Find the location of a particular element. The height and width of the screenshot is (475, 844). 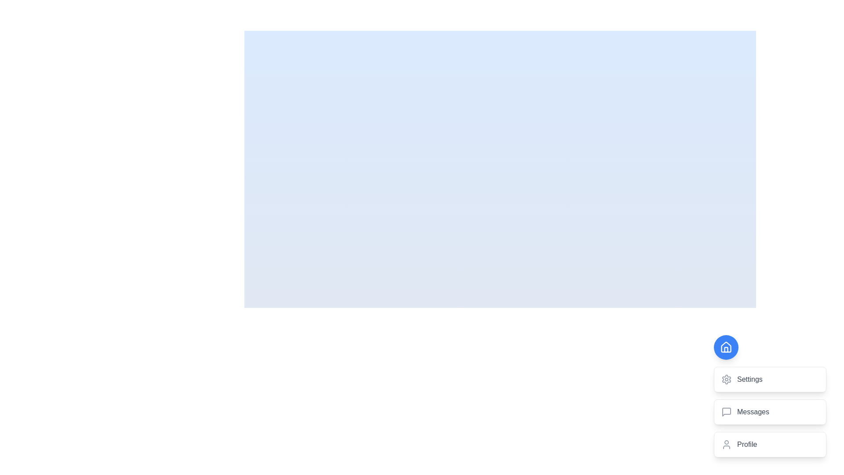

the gear icon used to denote settings located at the top of the 'Settings' section, adjacent to the 'Settings' label is located at coordinates (726, 379).